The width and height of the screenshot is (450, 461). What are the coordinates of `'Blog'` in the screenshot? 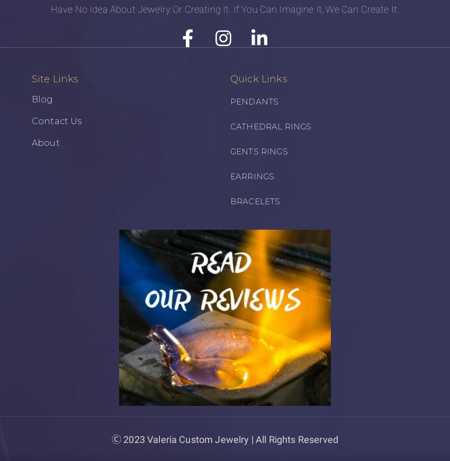 It's located at (42, 98).